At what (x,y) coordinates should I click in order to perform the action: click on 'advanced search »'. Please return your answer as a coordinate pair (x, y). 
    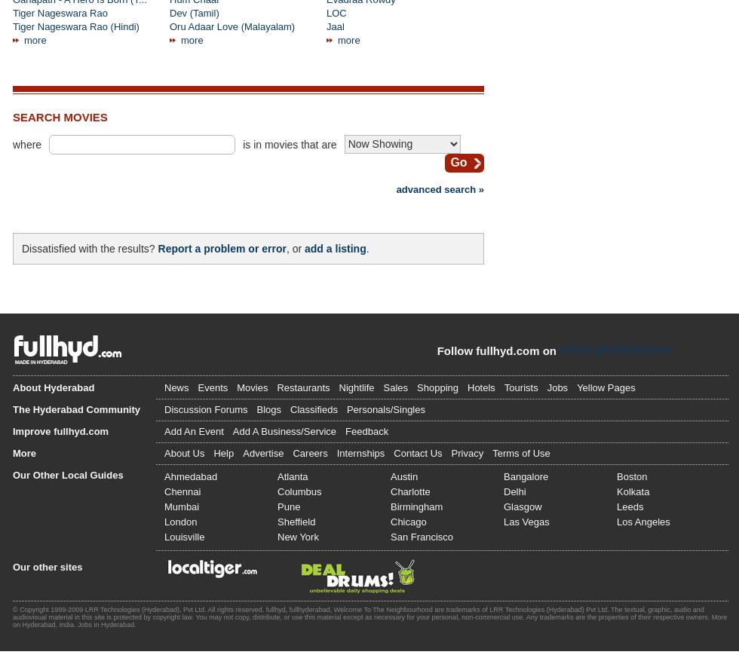
    Looking at the image, I should click on (440, 188).